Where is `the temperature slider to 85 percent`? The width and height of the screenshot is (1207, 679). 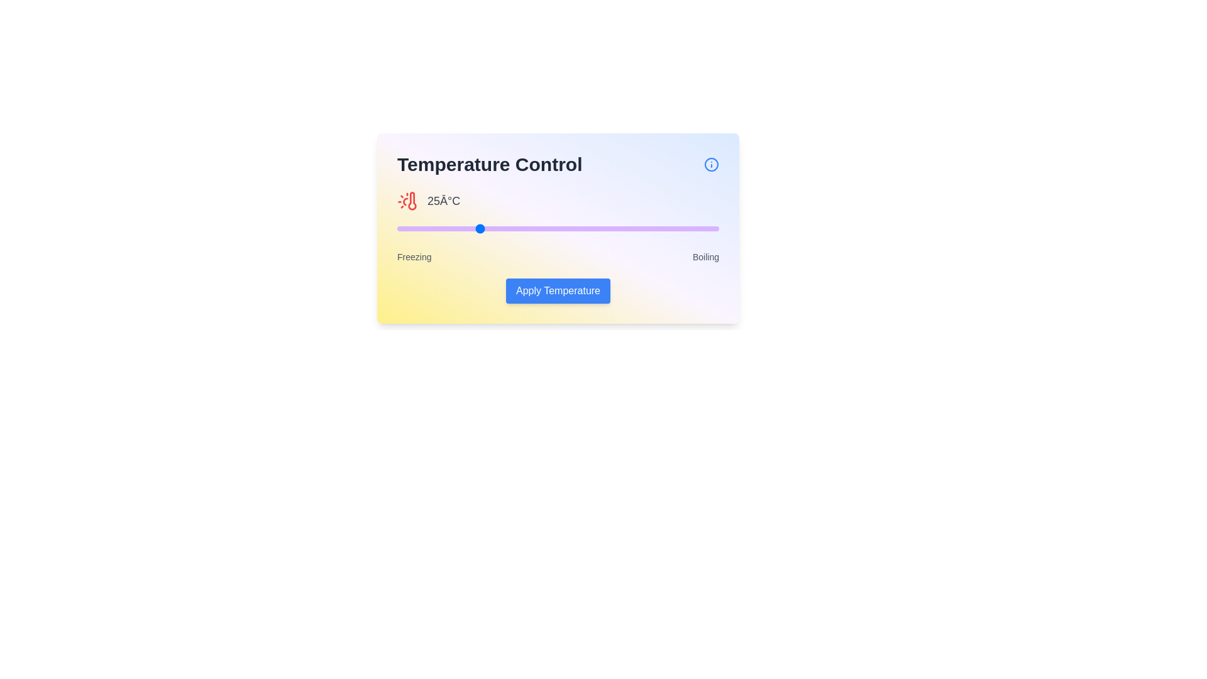
the temperature slider to 85 percent is located at coordinates (670, 228).